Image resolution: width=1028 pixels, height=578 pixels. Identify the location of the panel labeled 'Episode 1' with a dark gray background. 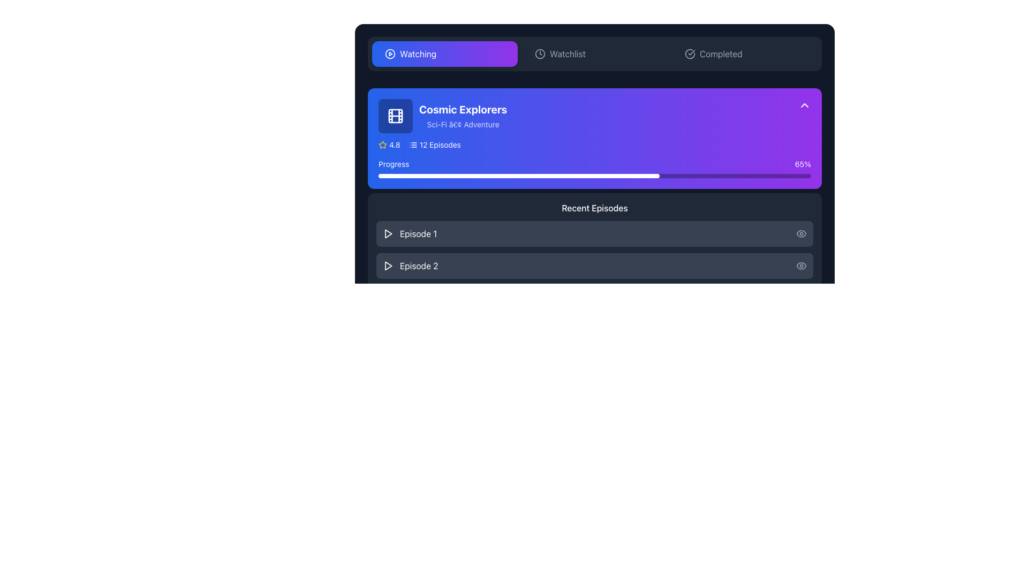
(594, 233).